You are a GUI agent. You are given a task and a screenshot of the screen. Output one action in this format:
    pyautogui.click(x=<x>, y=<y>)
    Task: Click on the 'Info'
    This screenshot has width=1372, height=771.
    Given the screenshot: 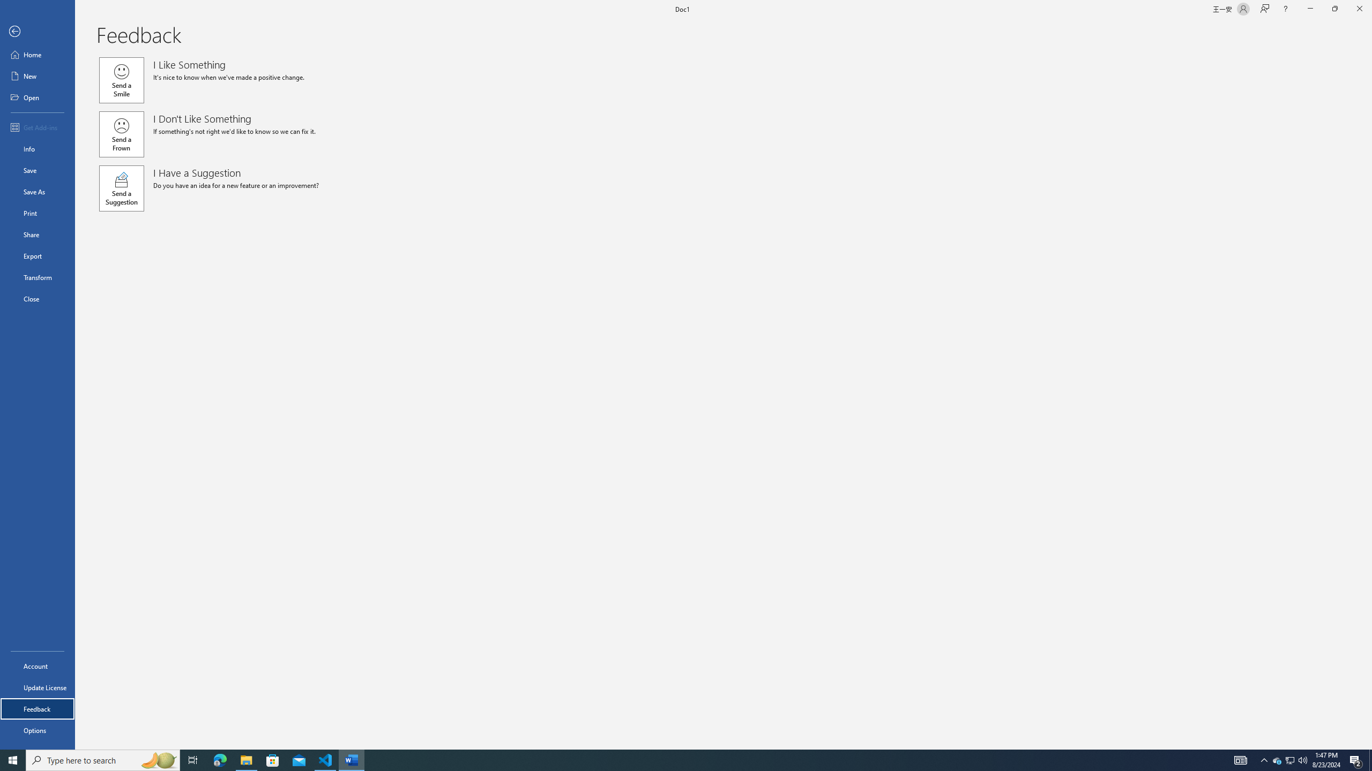 What is the action you would take?
    pyautogui.click(x=37, y=148)
    